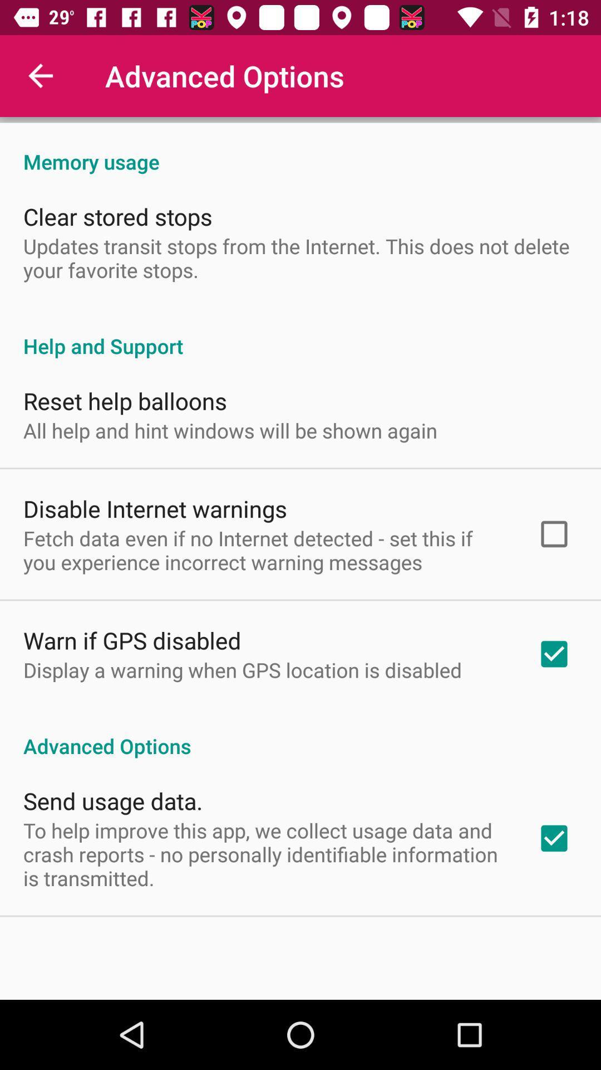 This screenshot has width=601, height=1070. Describe the element at coordinates (155, 508) in the screenshot. I see `the disable internet warnings icon` at that location.